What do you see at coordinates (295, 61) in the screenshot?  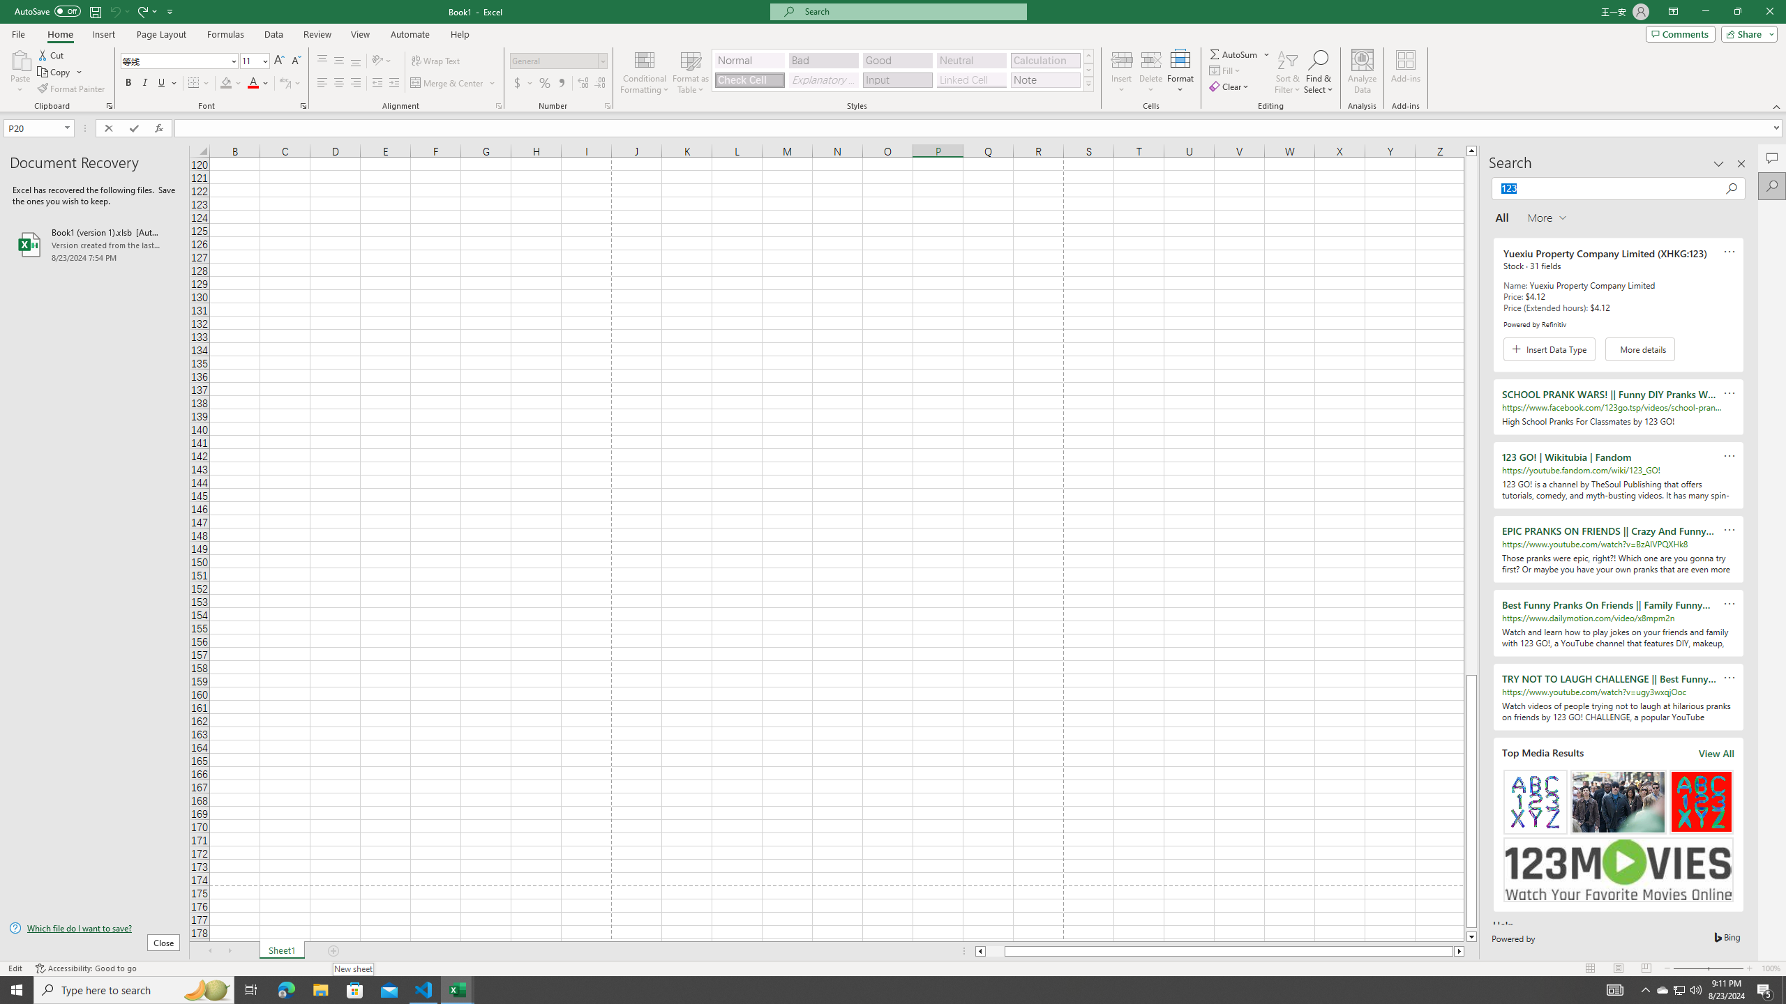 I see `'Decrease Font Size'` at bounding box center [295, 61].